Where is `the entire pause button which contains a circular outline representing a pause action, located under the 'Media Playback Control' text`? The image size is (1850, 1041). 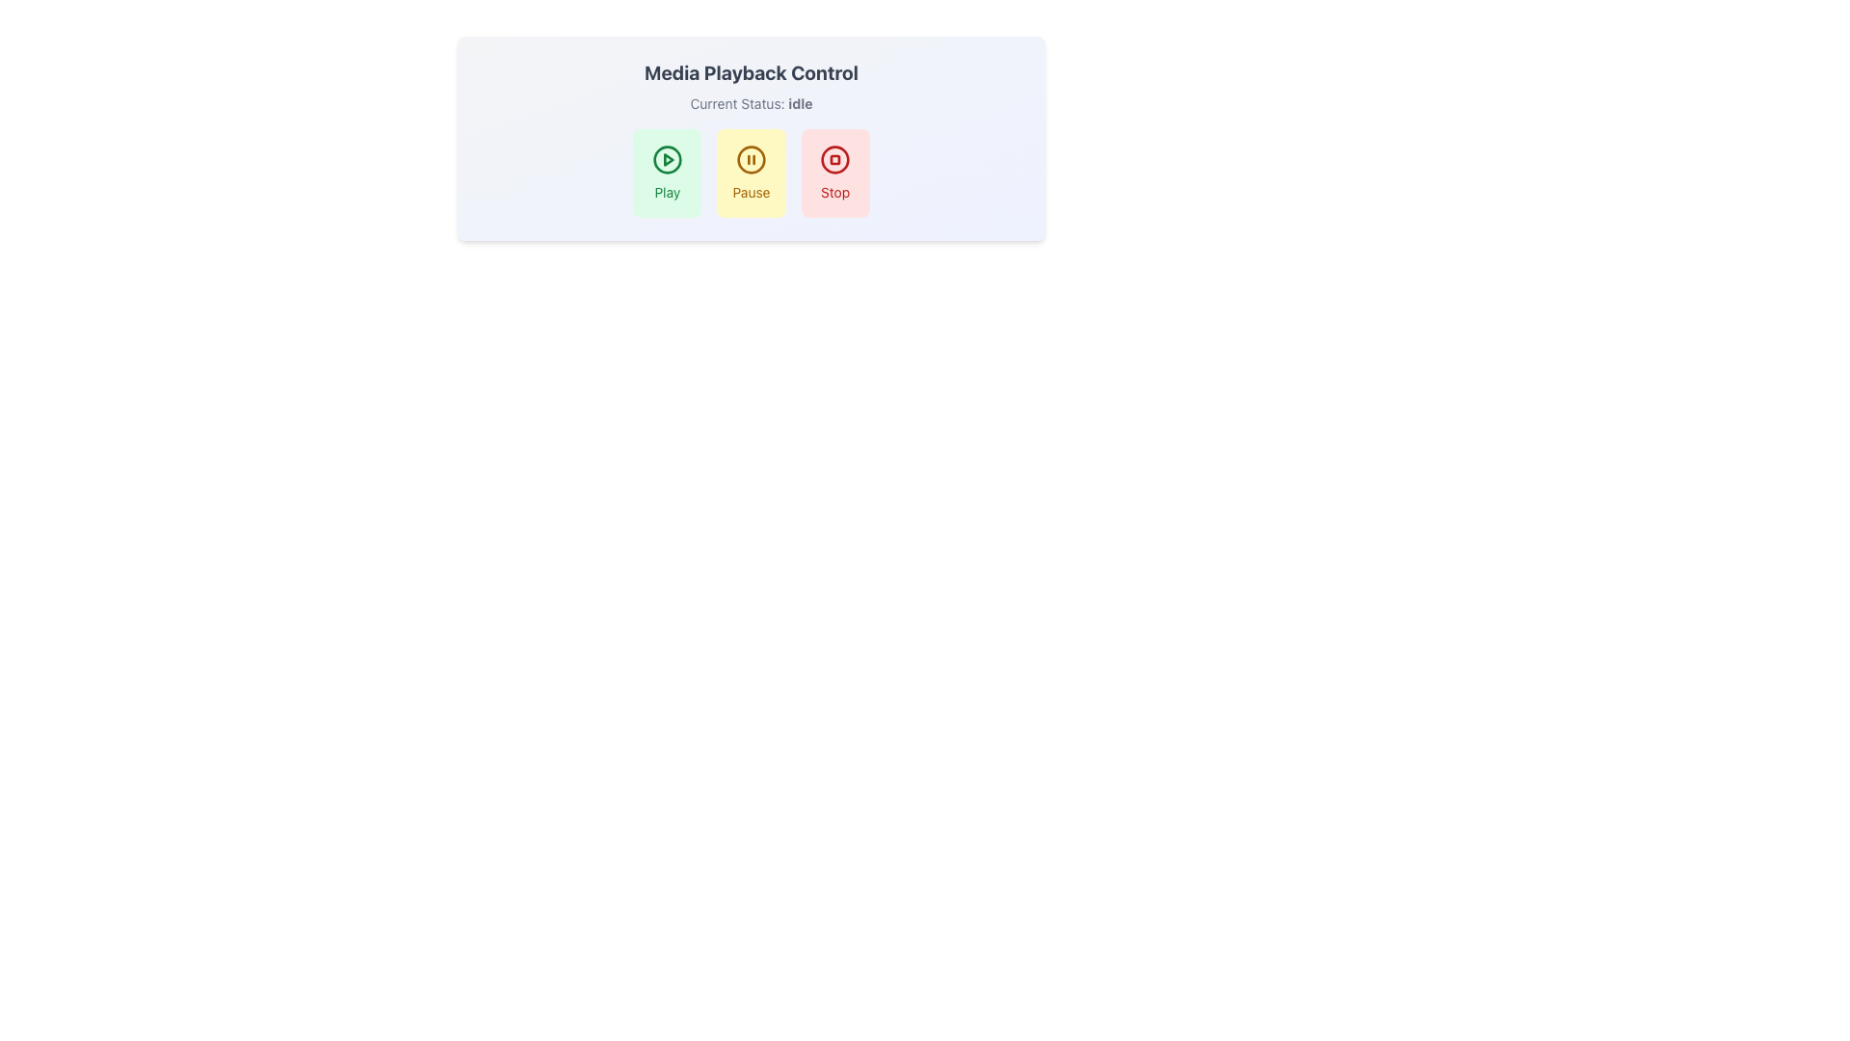 the entire pause button which contains a circular outline representing a pause action, located under the 'Media Playback Control' text is located at coordinates (750, 158).